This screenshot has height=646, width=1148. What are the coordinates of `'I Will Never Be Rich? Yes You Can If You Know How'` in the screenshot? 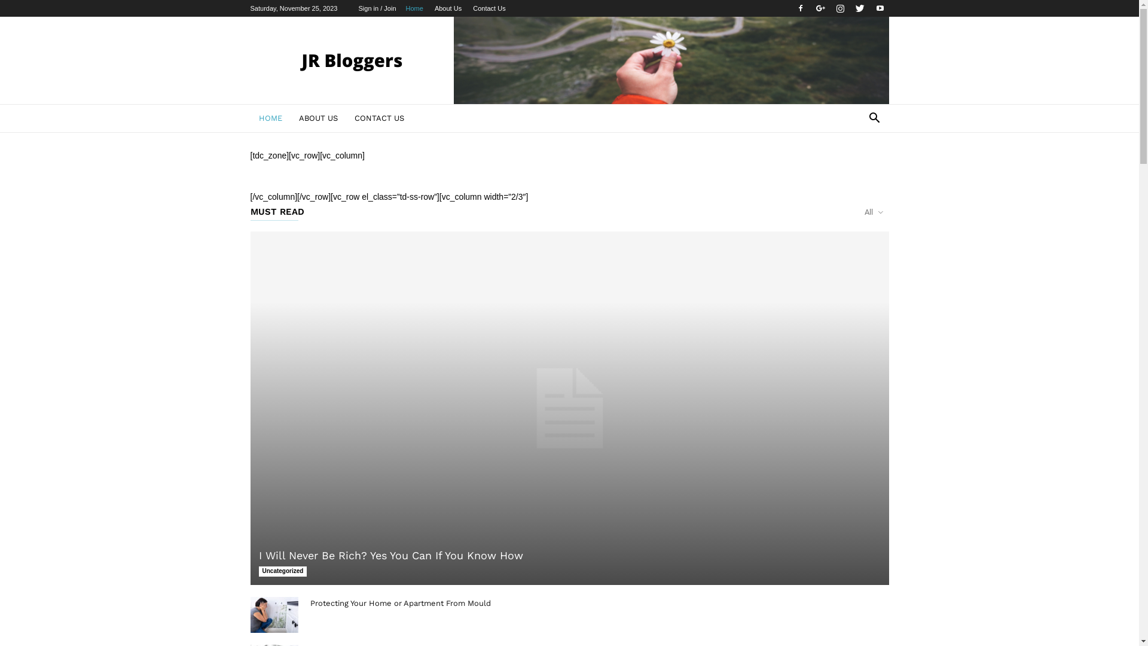 It's located at (390, 555).